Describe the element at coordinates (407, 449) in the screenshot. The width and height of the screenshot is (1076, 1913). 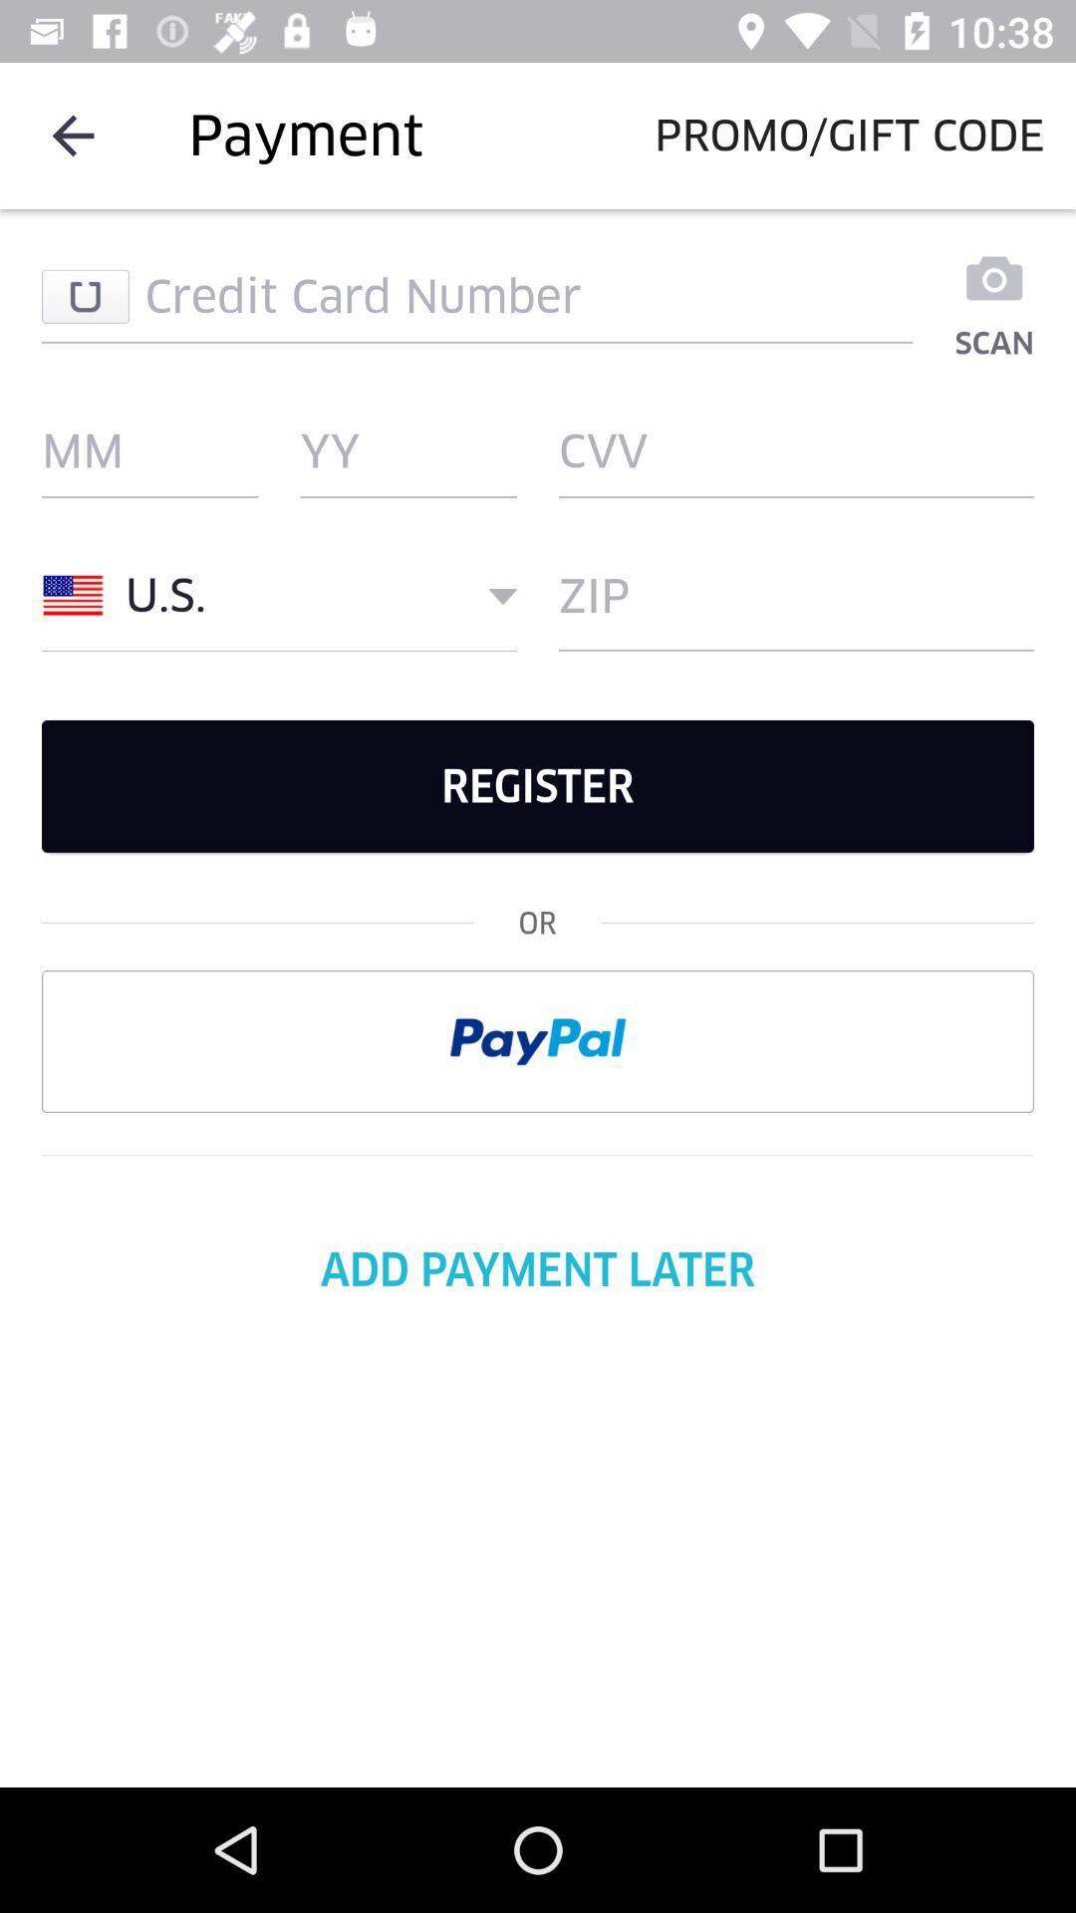
I see `expiring year of creditcard` at that location.